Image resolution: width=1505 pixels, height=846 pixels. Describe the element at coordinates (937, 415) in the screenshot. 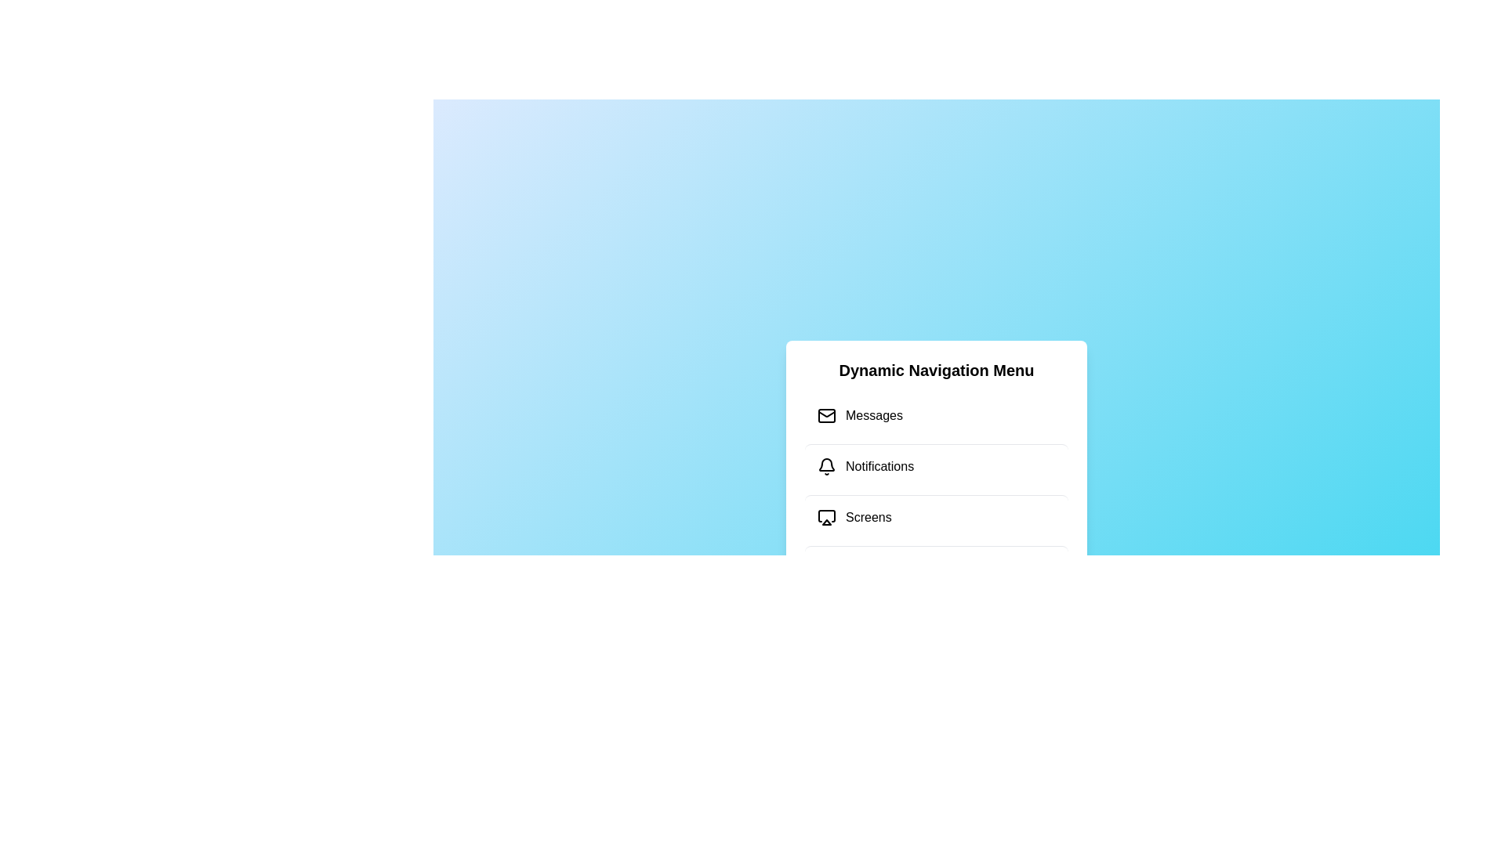

I see `the menu item Messages by clicking on it` at that location.